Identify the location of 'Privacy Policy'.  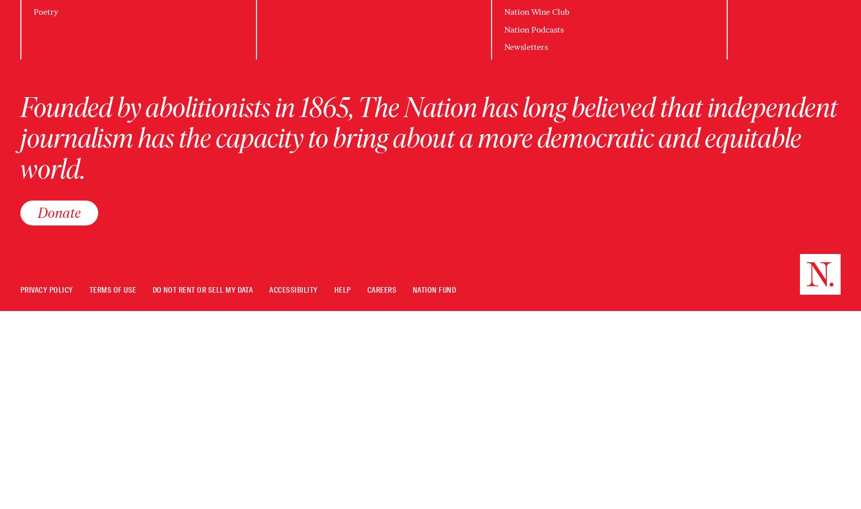
(46, 290).